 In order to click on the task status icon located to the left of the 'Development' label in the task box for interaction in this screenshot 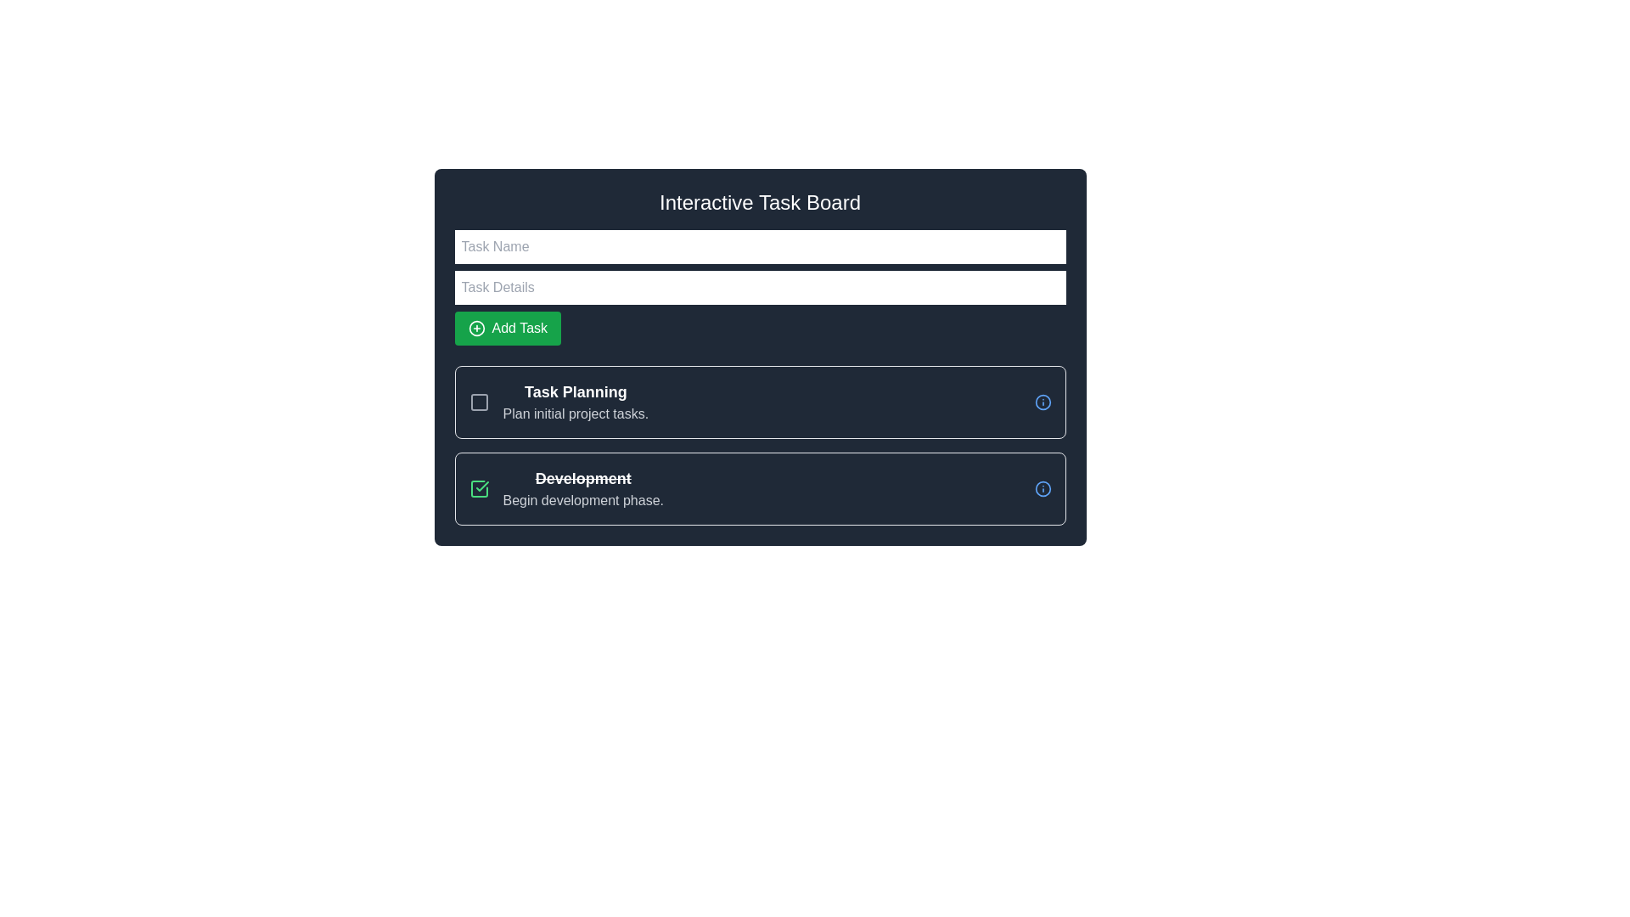, I will do `click(481, 487)`.